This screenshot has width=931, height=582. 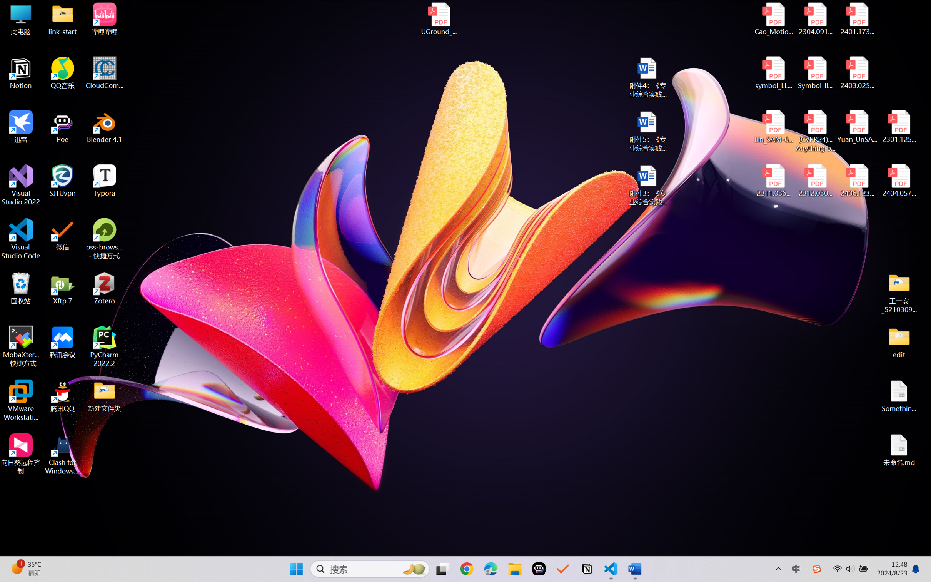 I want to click on '(CVPR24)Matching Anything by Segmenting Anything.pdf', so click(x=815, y=131).